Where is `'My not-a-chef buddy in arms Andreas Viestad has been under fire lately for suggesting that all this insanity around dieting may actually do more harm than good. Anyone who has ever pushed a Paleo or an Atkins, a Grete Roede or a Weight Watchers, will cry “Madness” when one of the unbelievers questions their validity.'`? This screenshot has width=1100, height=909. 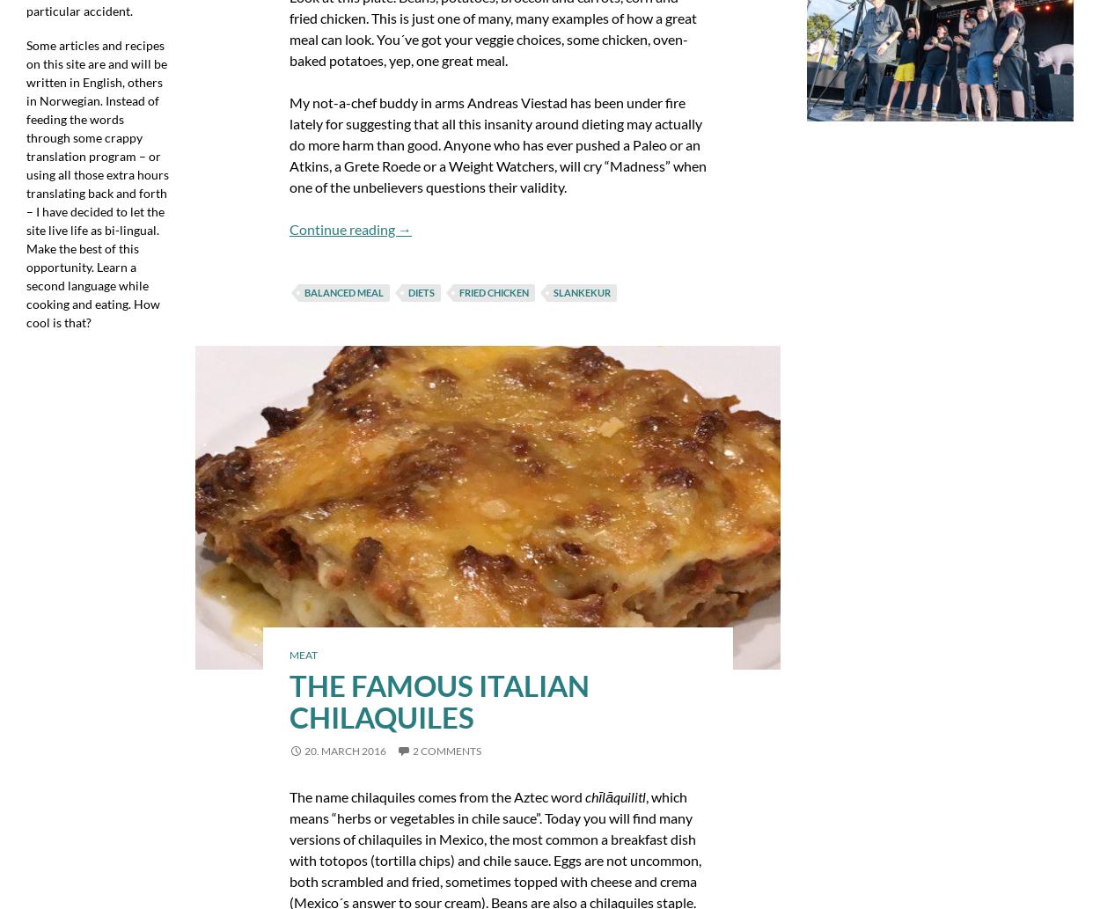 'My not-a-chef buddy in arms Andreas Viestad has been under fire lately for suggesting that all this insanity around dieting may actually do more harm than good. Anyone who has ever pushed a Paleo or an Atkins, a Grete Roede or a Weight Watchers, will cry “Madness” when one of the unbelievers questions their validity.' is located at coordinates (496, 143).